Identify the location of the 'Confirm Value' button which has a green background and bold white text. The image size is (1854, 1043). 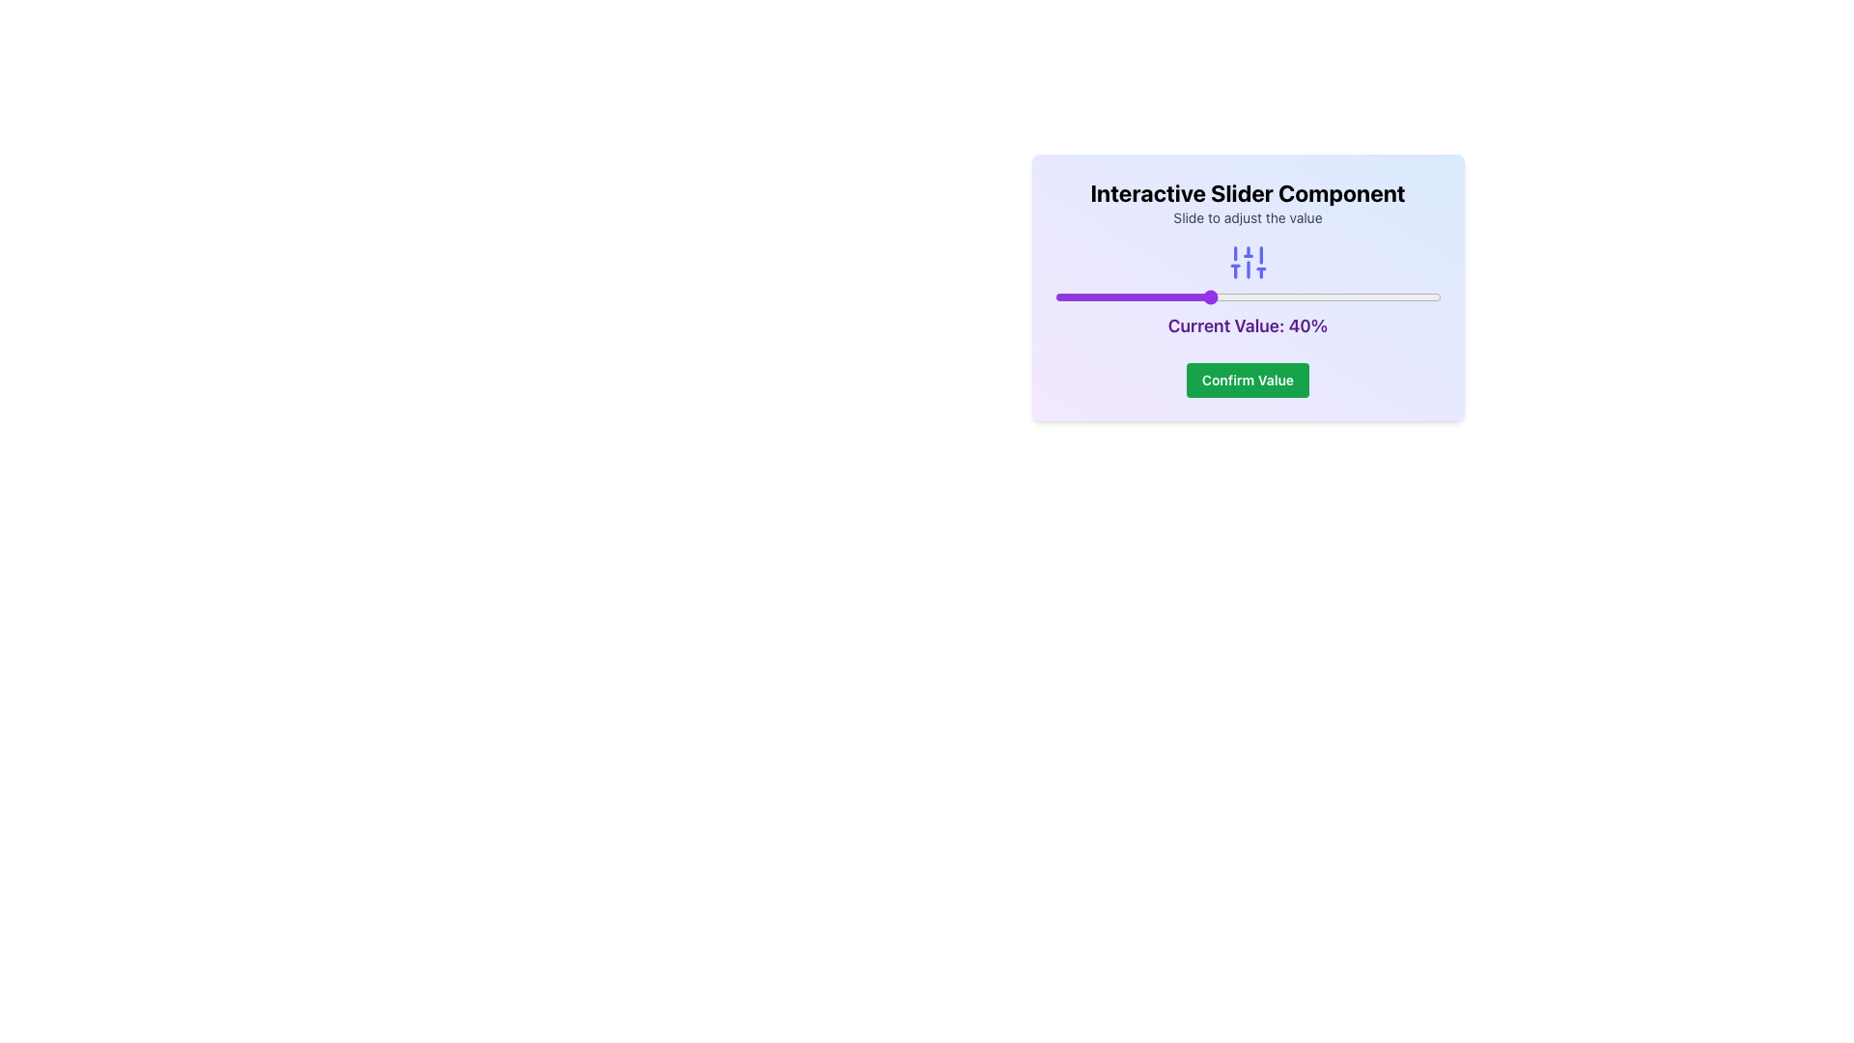
(1248, 380).